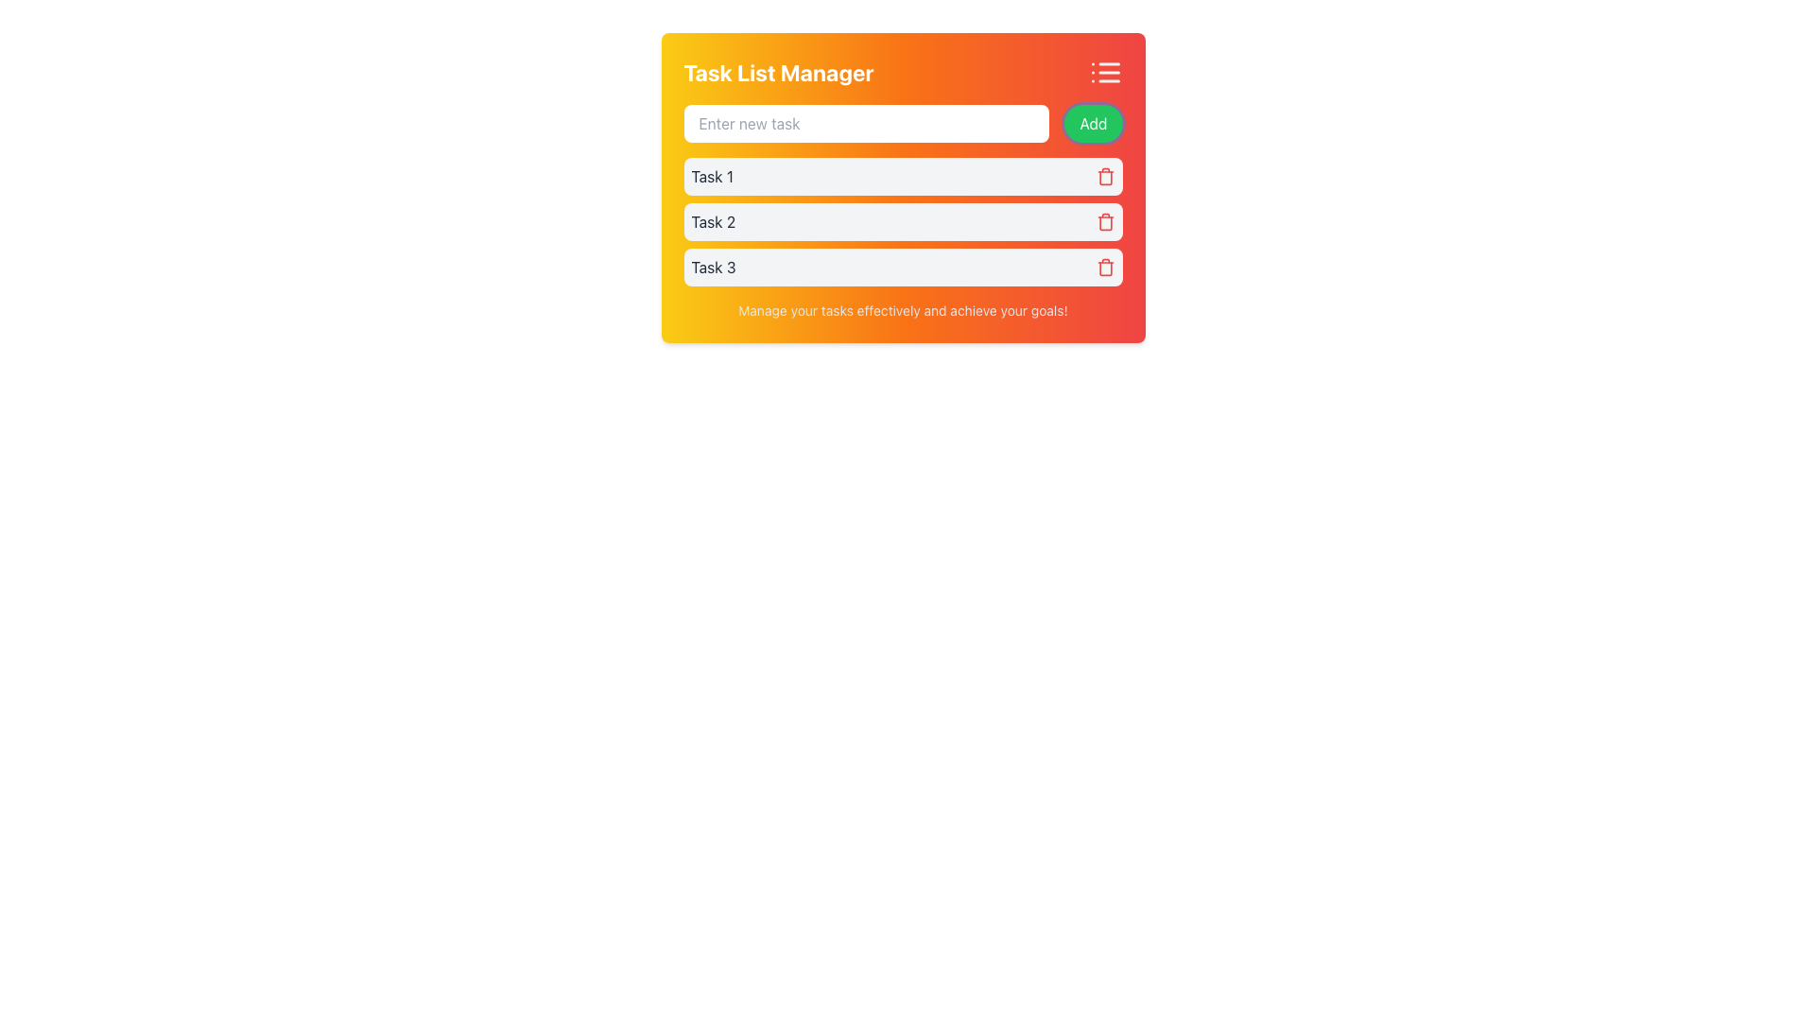 The width and height of the screenshot is (1815, 1021). Describe the element at coordinates (902, 196) in the screenshot. I see `the first task entry labeled 'Task 1' in the task list` at that location.